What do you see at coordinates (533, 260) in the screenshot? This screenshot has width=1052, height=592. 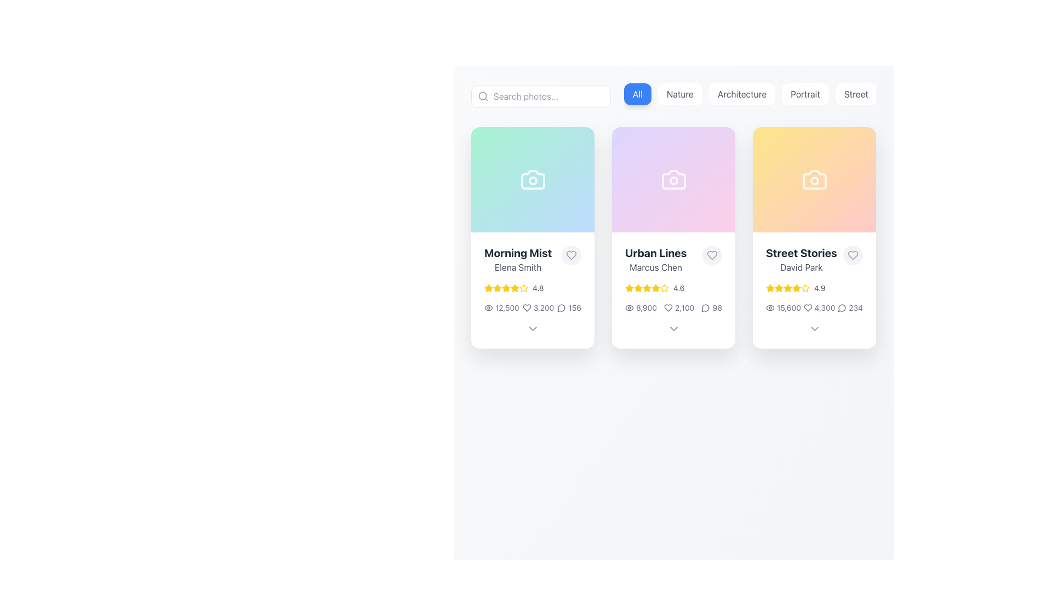 I see `the title and subtitle identifier text with the adjacent heart icon in the first card` at bounding box center [533, 260].